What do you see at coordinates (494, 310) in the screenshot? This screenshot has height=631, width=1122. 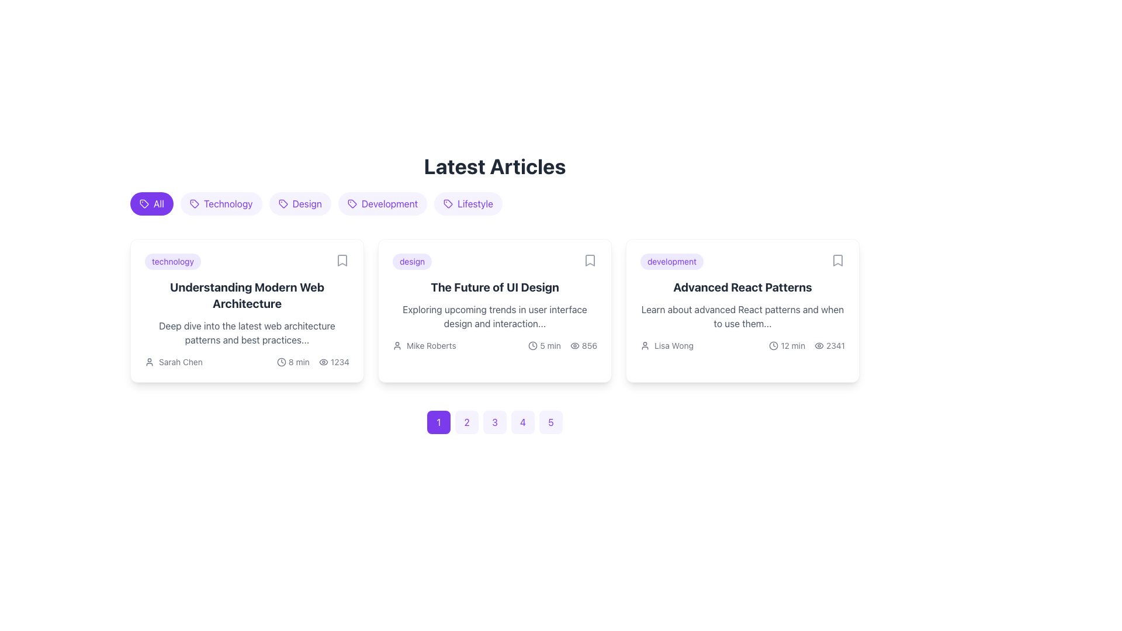 I see `the middle content card in the three-column grid layout` at bounding box center [494, 310].